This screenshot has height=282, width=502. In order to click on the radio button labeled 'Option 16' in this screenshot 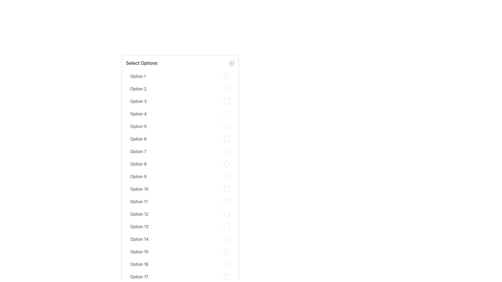, I will do `click(180, 264)`.